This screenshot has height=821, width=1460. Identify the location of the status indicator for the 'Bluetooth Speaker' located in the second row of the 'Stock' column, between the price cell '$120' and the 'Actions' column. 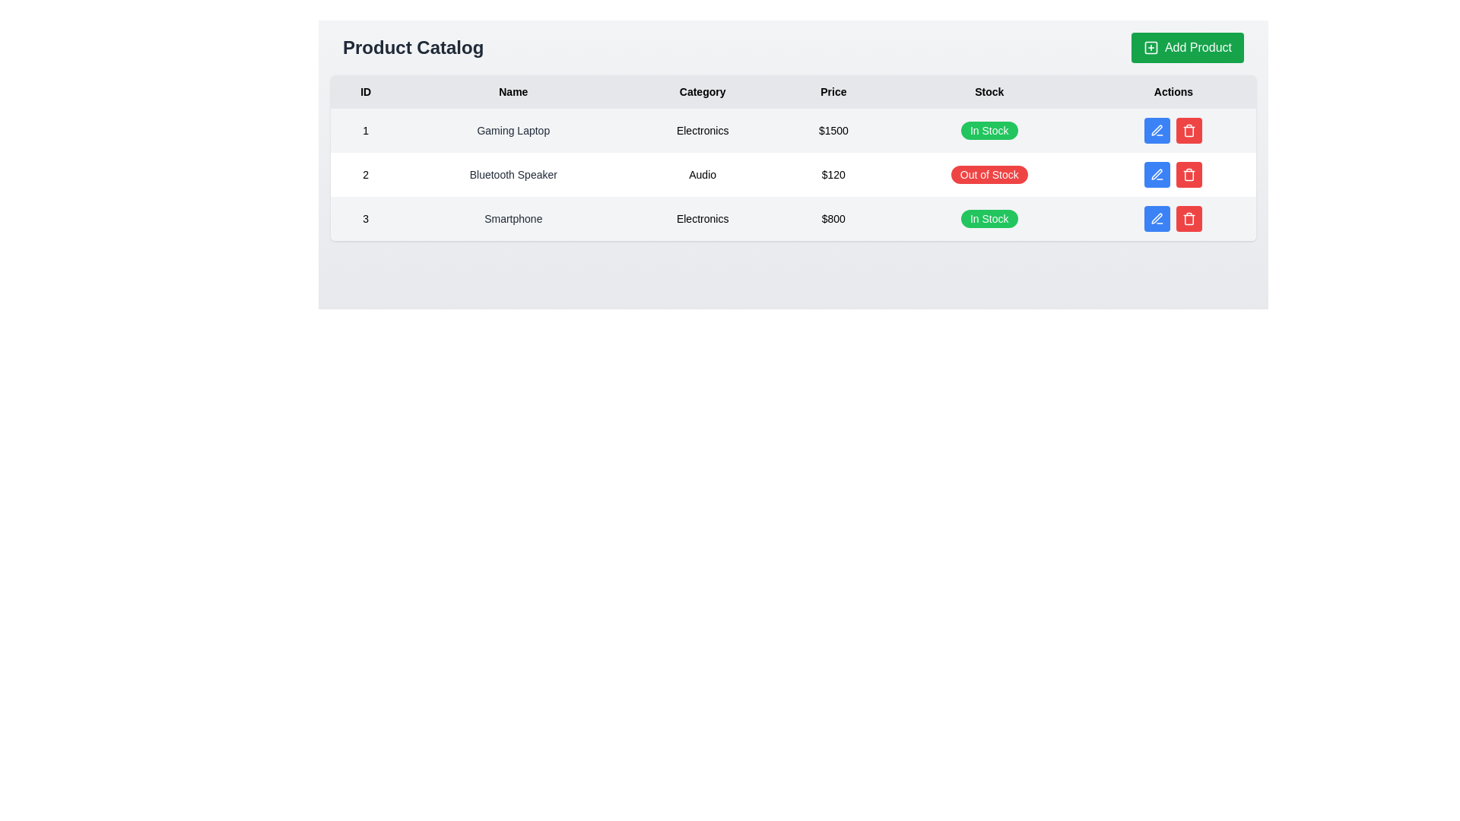
(989, 174).